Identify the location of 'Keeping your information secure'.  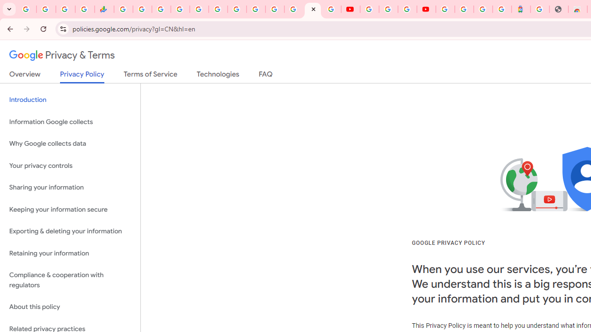
(70, 209).